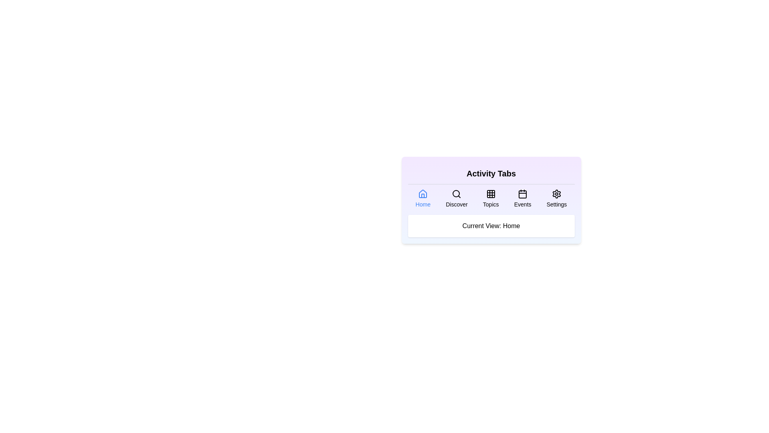 The width and height of the screenshot is (769, 433). What do you see at coordinates (423, 198) in the screenshot?
I see `the Home tab` at bounding box center [423, 198].